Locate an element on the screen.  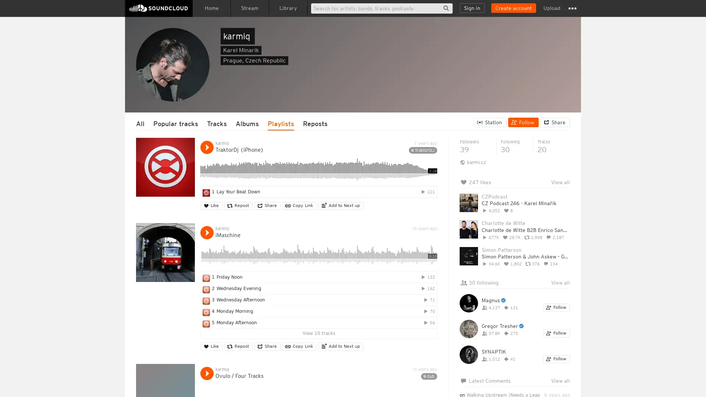
Play is located at coordinates (206, 147).